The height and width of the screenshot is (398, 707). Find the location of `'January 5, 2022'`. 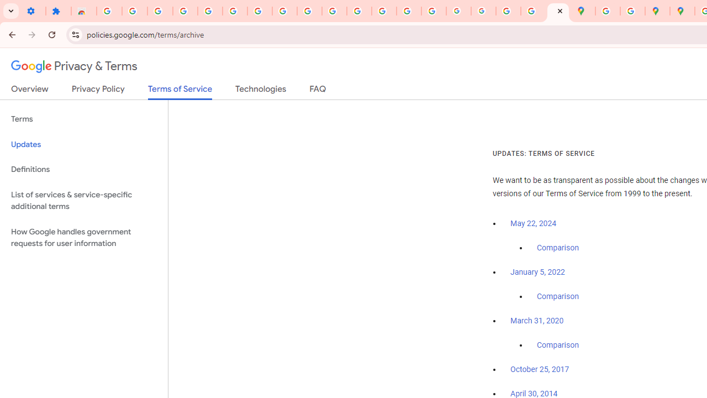

'January 5, 2022' is located at coordinates (537, 272).